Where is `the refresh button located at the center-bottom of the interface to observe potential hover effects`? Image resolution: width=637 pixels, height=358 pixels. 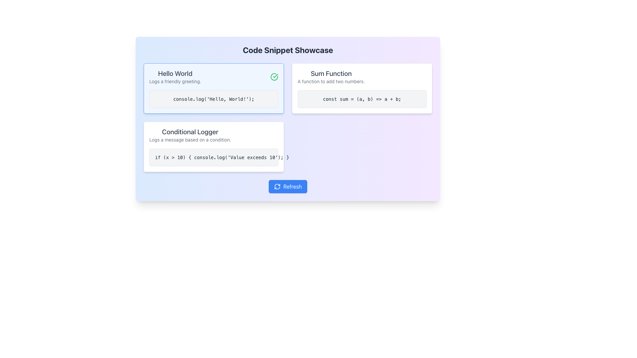
the refresh button located at the center-bottom of the interface to observe potential hover effects is located at coordinates (288, 187).